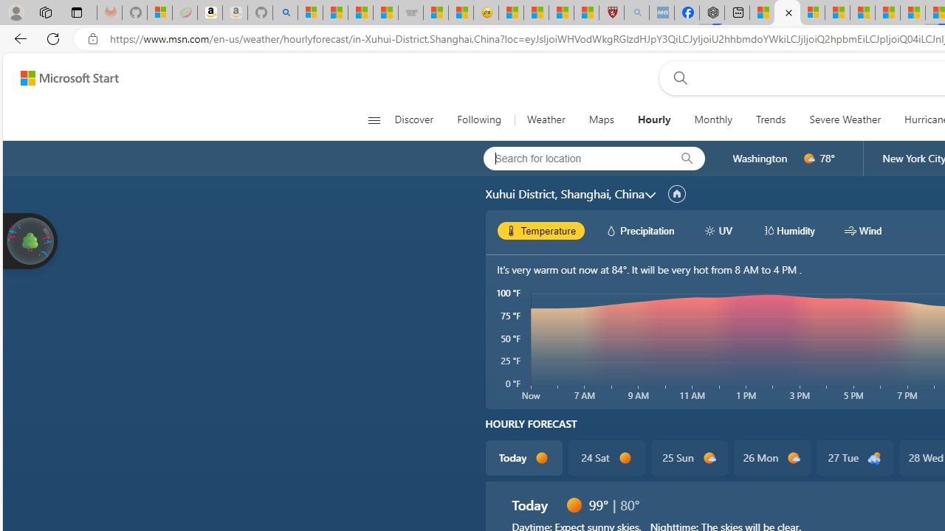 This screenshot has width=945, height=531. What do you see at coordinates (540, 230) in the screenshot?
I see `'hourlyChart/temperatureBlack Temperature'` at bounding box center [540, 230].